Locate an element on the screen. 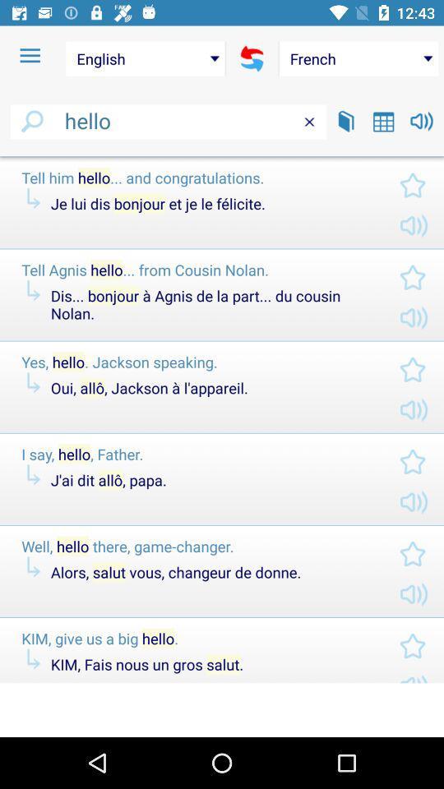 Image resolution: width=444 pixels, height=789 pixels. j ai dit item is located at coordinates (211, 480).